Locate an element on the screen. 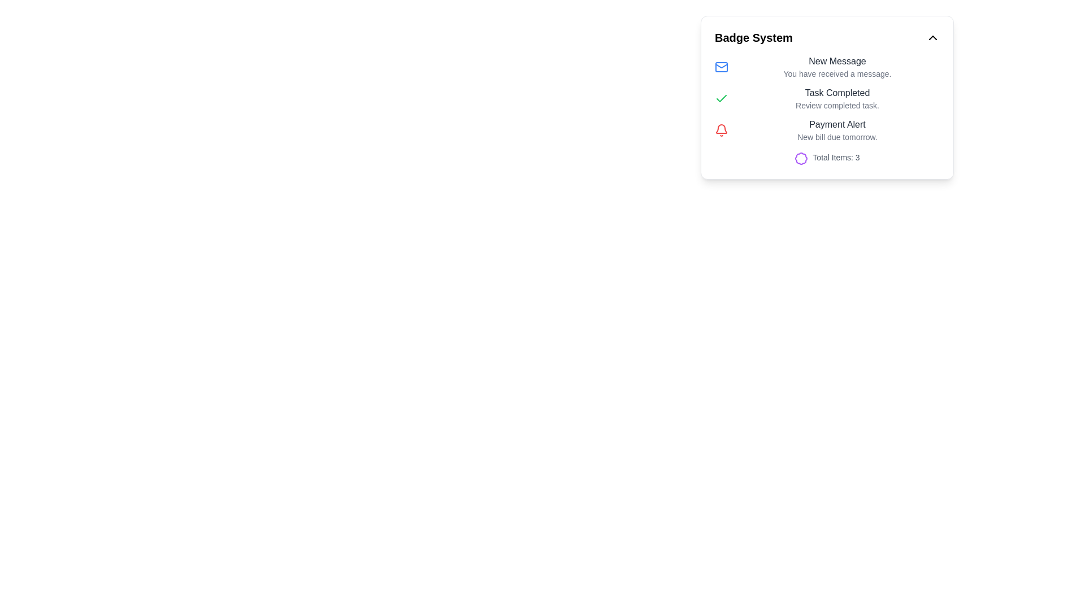 The image size is (1085, 610). the text label stating 'You have received a message.' which is positioned below the bold heading 'New Message' in the 'Badge System' module is located at coordinates (837, 74).